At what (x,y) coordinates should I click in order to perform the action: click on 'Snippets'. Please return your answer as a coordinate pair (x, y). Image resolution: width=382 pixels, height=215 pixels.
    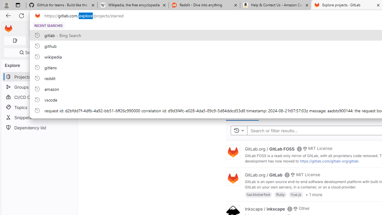
    Looking at the image, I should click on (39, 117).